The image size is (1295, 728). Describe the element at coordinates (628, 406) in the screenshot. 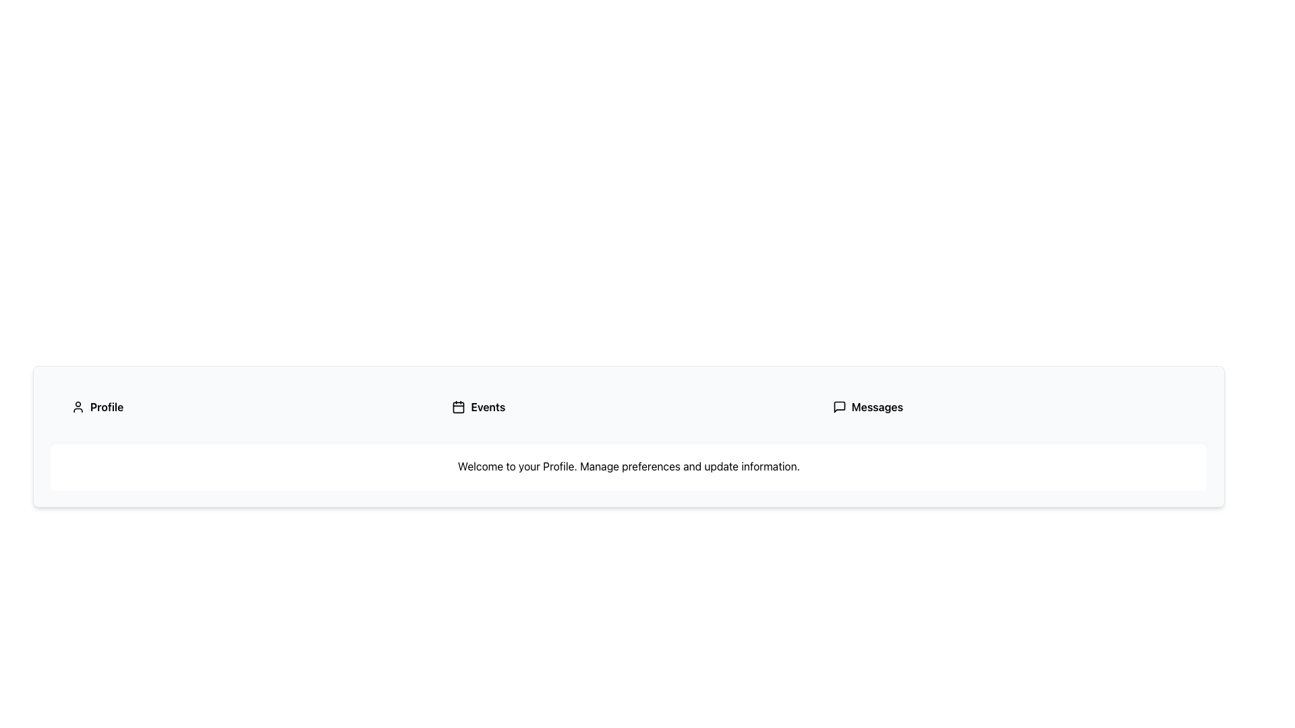

I see `the 'Events' button, which is the second button in a horizontal alignment` at that location.